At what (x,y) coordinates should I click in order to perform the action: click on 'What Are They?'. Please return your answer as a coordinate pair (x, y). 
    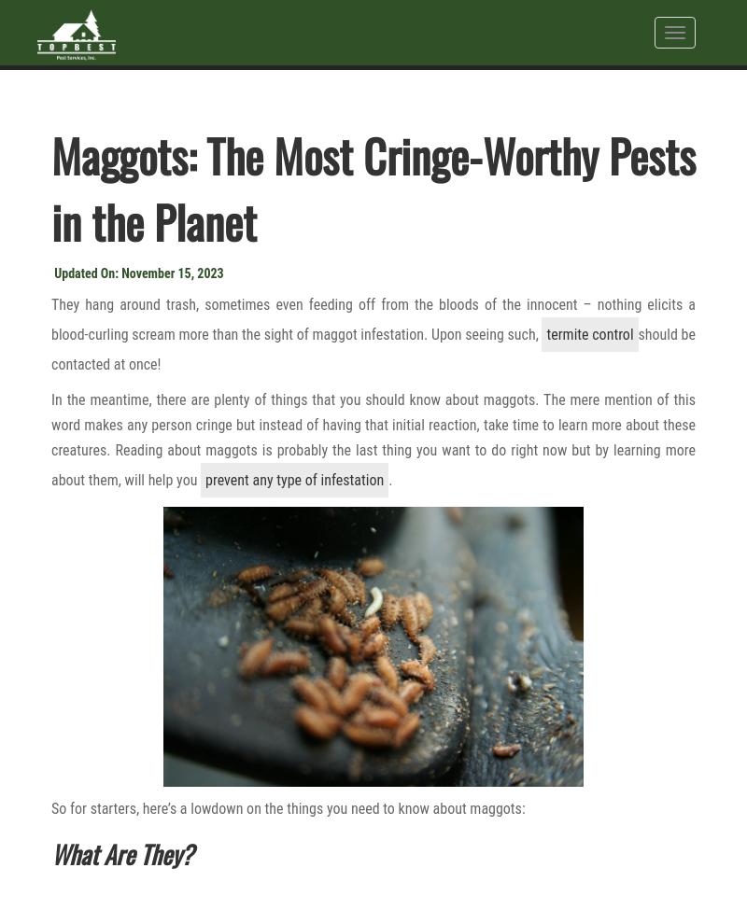
    Looking at the image, I should click on (121, 851).